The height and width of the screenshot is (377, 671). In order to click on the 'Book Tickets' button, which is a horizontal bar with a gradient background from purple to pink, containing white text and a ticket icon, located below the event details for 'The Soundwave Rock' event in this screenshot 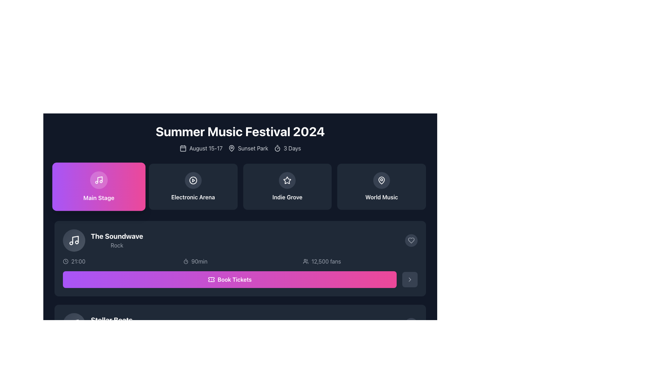, I will do `click(240, 279)`.